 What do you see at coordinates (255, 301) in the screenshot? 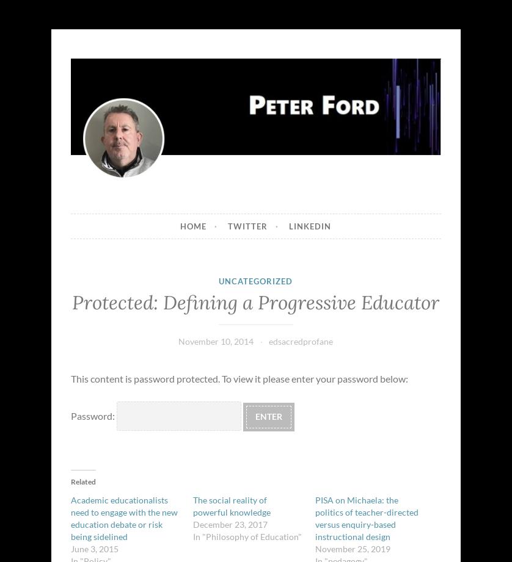
I see `'Protected: Defining a Progressive Educator'` at bounding box center [255, 301].